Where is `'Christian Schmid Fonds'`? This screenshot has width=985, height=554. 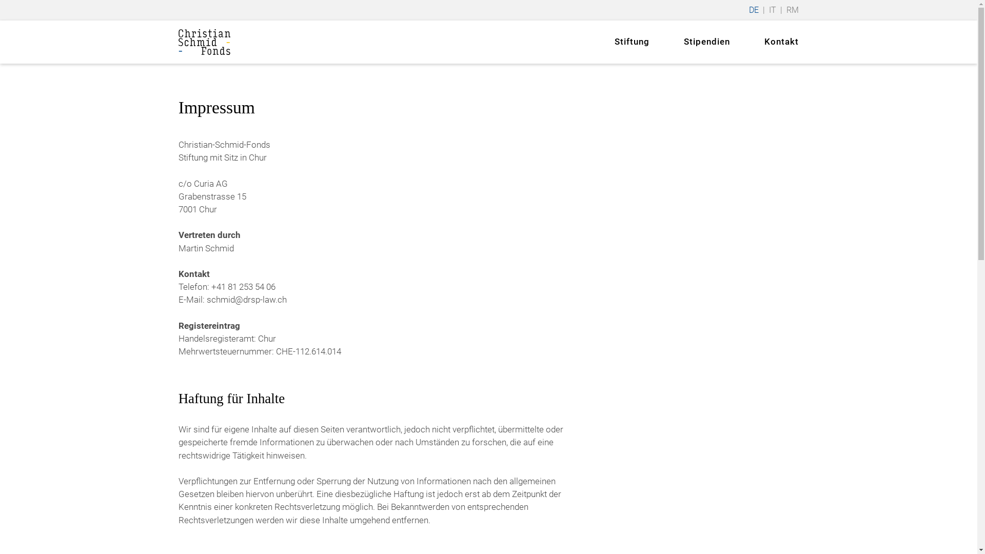
'Christian Schmid Fonds' is located at coordinates (204, 41).